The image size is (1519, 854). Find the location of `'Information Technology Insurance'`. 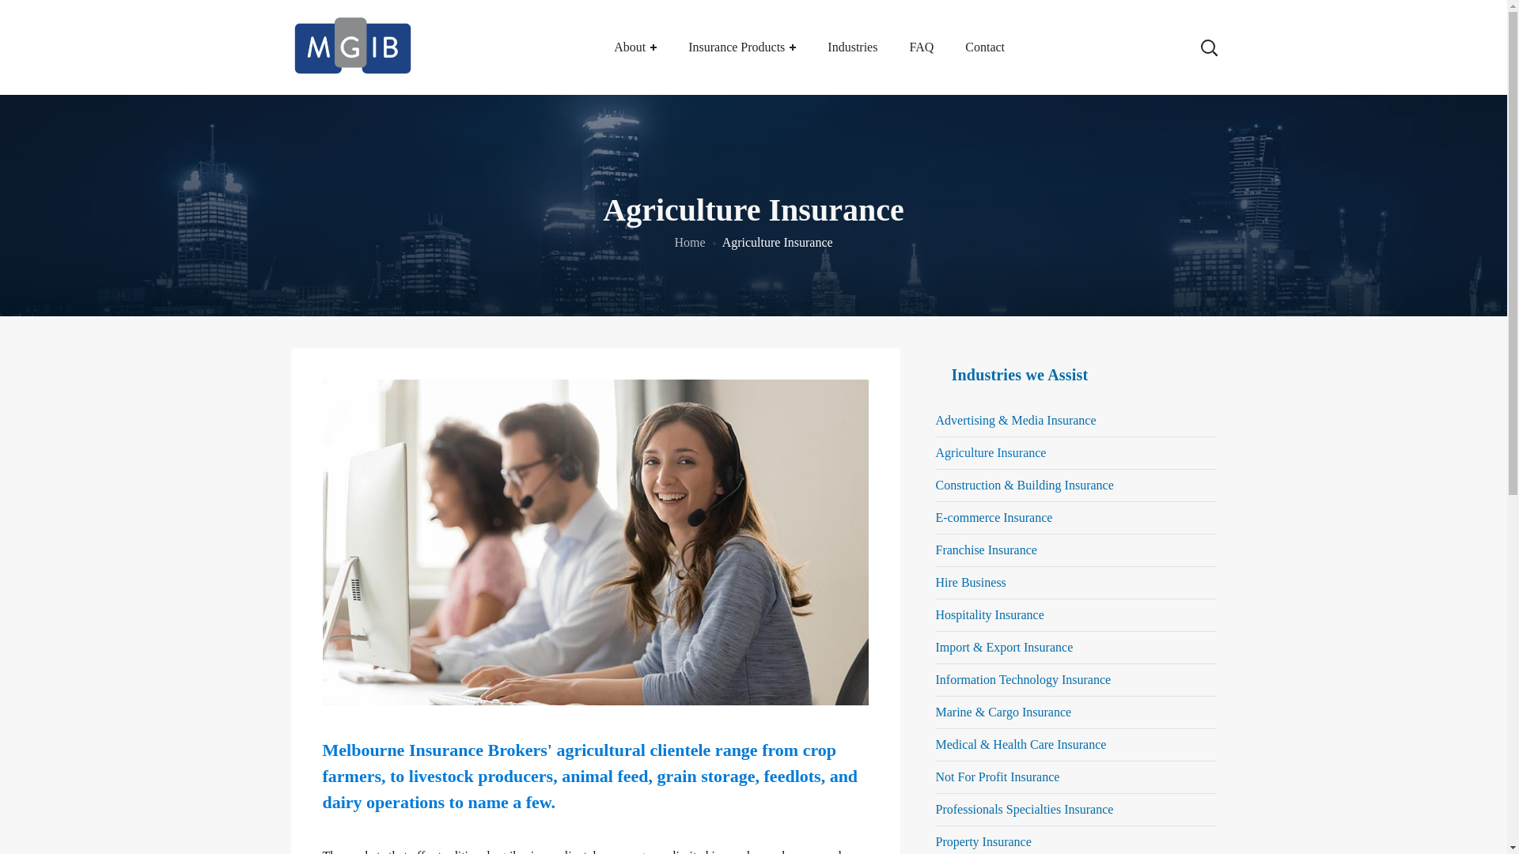

'Information Technology Insurance' is located at coordinates (934, 679).